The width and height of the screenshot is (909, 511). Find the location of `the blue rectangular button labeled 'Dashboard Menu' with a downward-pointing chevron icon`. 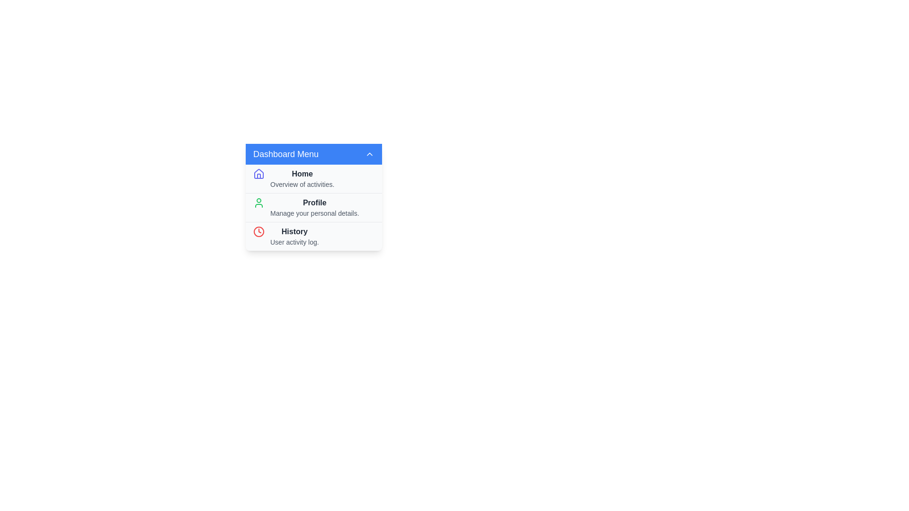

the blue rectangular button labeled 'Dashboard Menu' with a downward-pointing chevron icon is located at coordinates (313, 154).